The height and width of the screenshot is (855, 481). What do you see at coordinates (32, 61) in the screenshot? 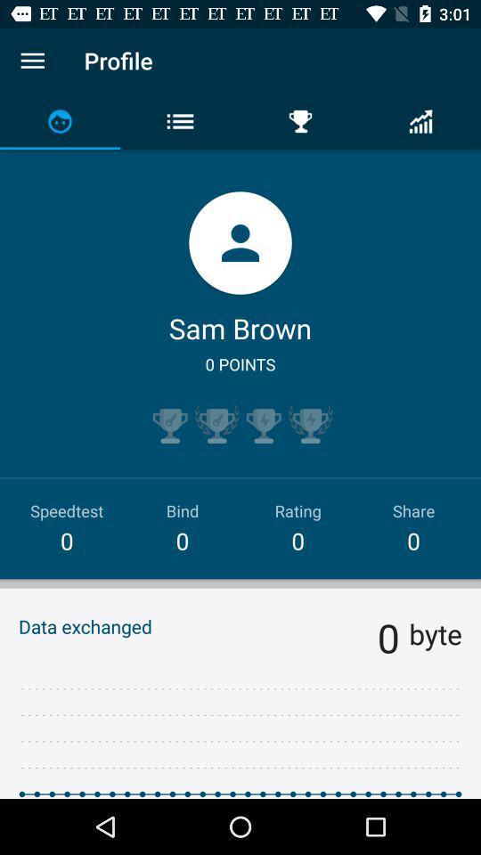
I see `more options` at bounding box center [32, 61].